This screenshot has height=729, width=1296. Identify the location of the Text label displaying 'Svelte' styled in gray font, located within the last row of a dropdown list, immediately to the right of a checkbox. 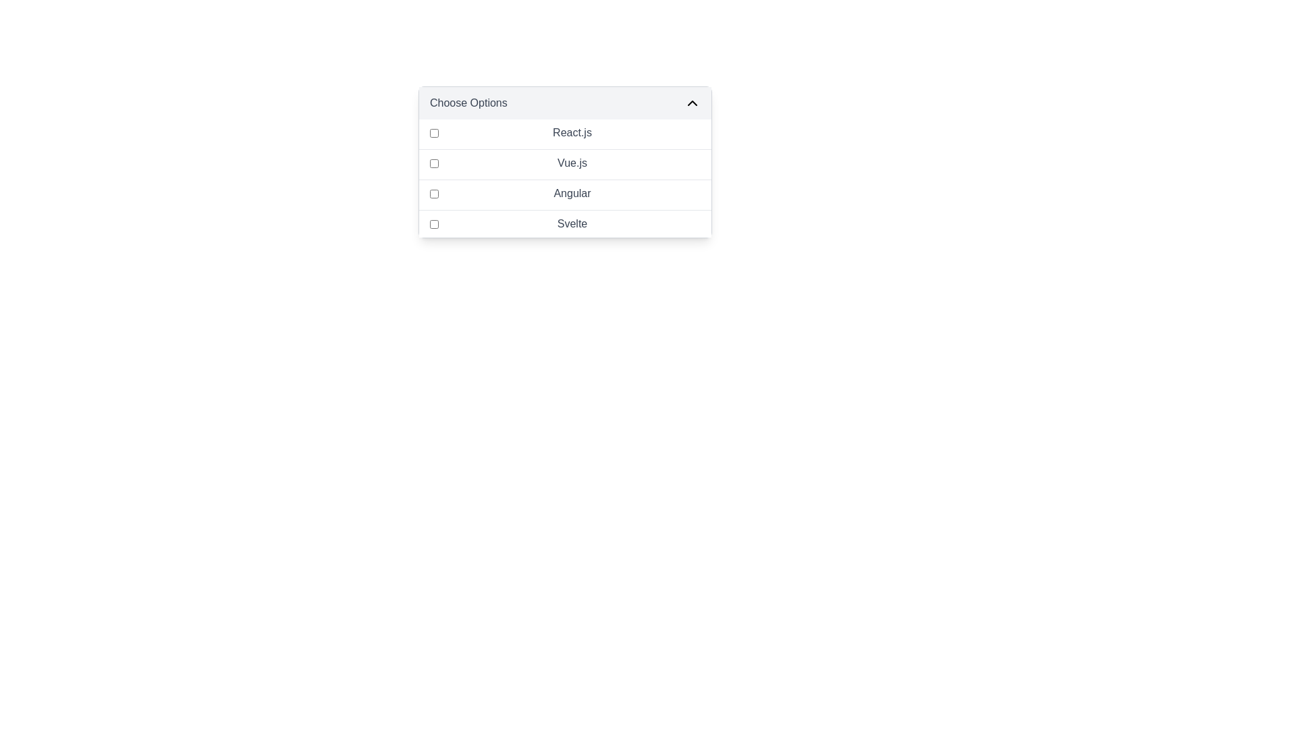
(572, 223).